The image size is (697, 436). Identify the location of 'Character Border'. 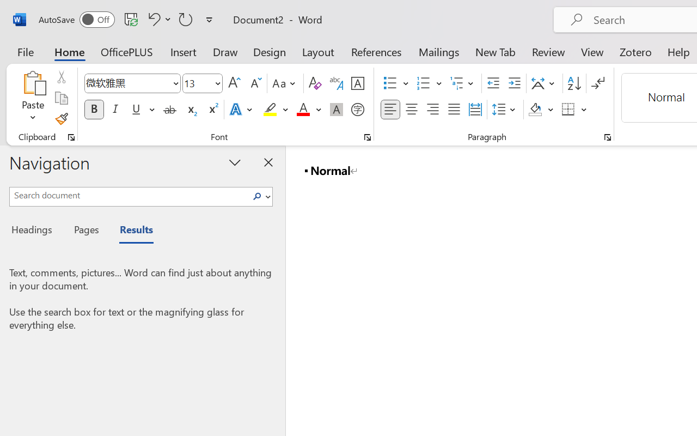
(357, 83).